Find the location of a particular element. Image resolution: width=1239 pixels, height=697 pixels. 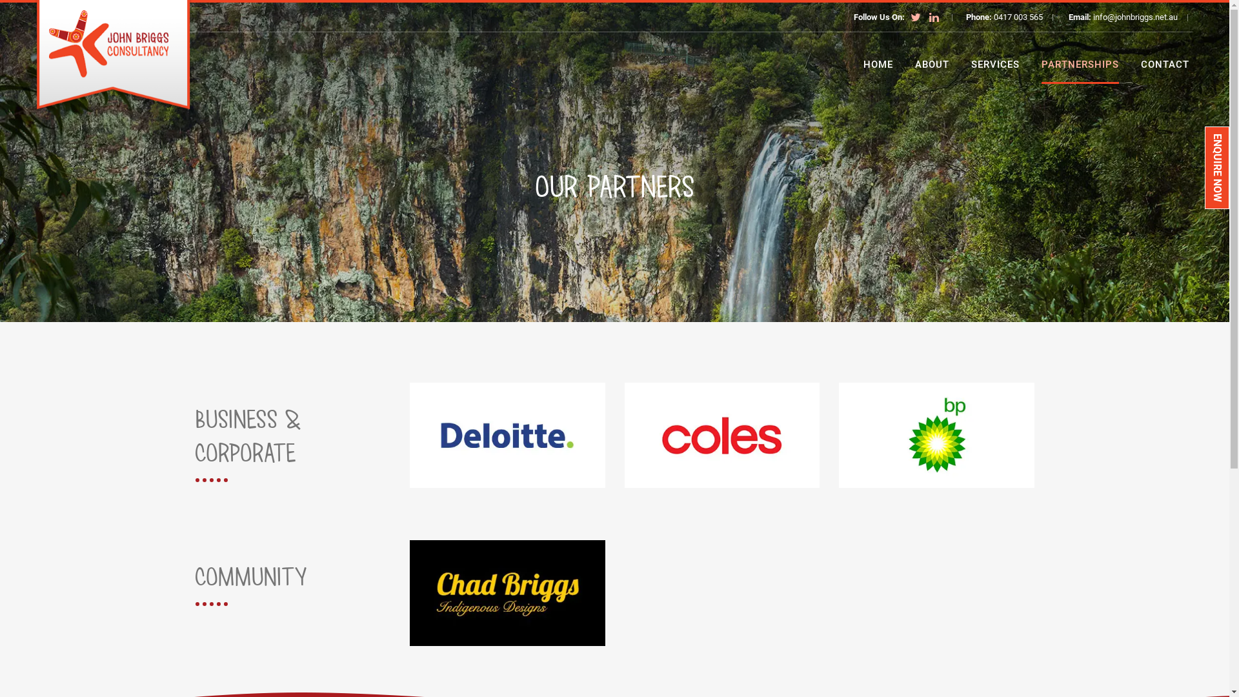

'HOME' is located at coordinates (852, 65).